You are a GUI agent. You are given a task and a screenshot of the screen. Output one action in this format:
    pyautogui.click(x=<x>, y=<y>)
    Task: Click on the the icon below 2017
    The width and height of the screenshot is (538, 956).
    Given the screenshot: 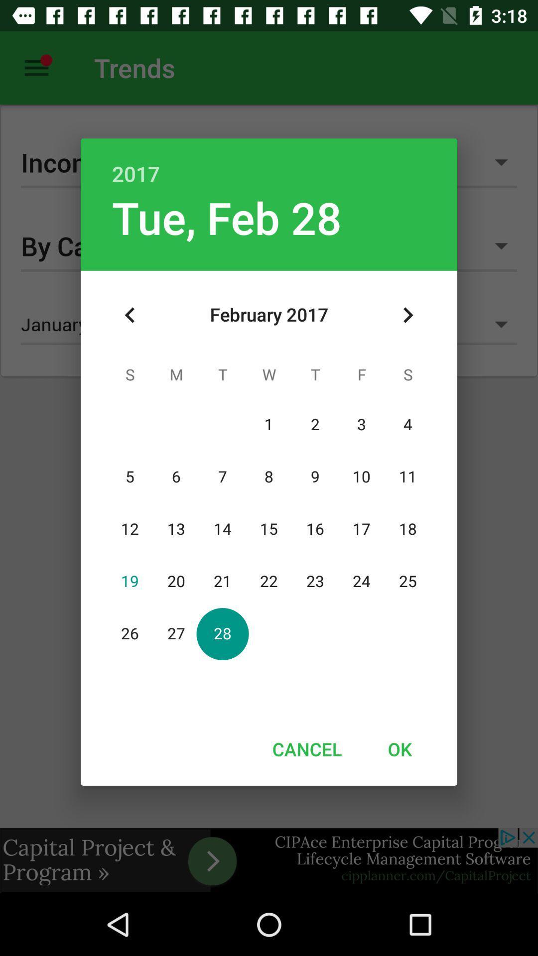 What is the action you would take?
    pyautogui.click(x=227, y=217)
    